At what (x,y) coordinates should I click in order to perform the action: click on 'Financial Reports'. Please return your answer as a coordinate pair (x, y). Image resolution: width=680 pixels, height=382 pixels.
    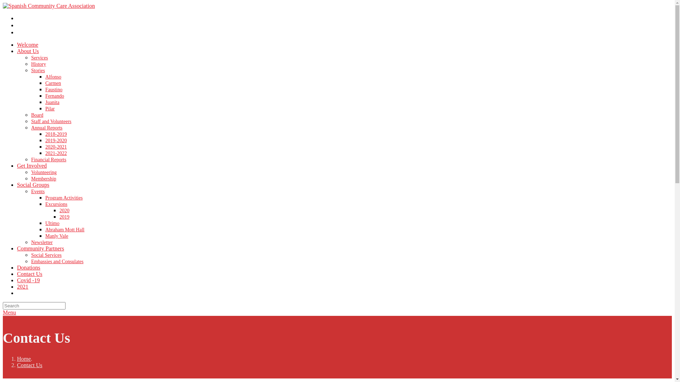
    Looking at the image, I should click on (48, 160).